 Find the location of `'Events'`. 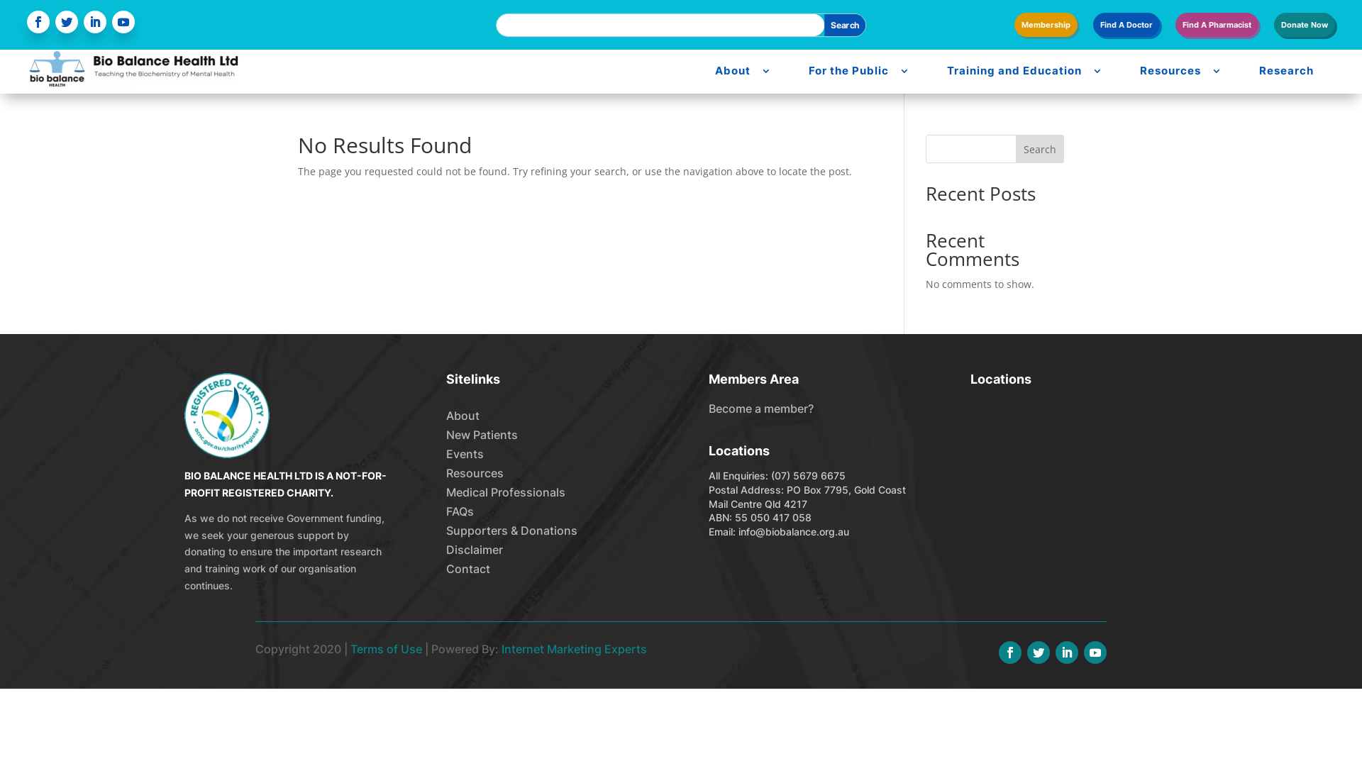

'Events' is located at coordinates (465, 454).